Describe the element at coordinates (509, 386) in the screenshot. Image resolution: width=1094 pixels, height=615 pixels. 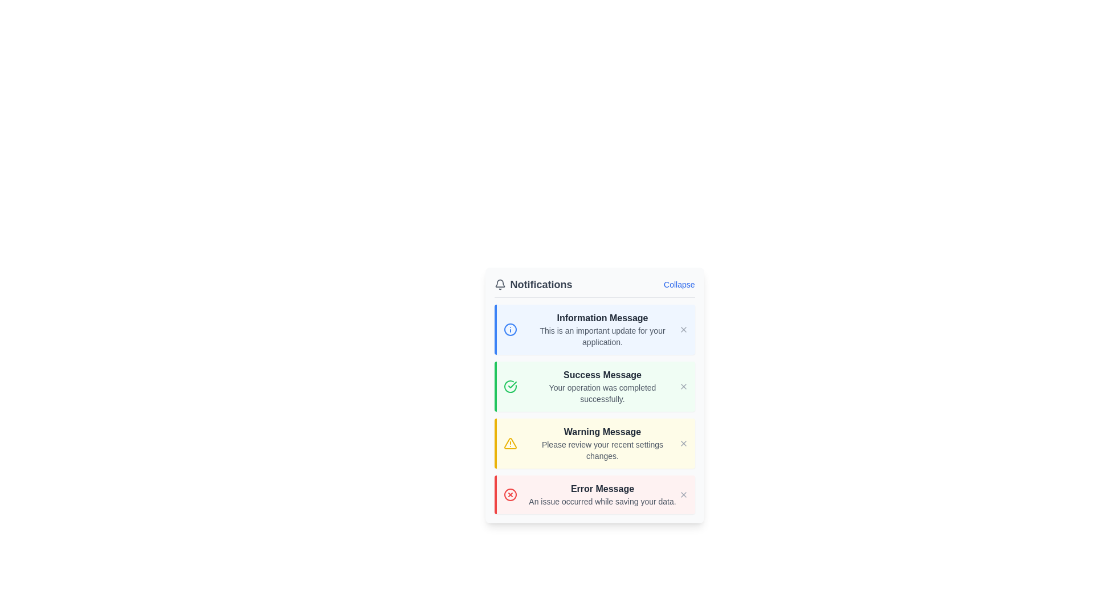
I see `the circular success icon with a green border and checkmark inside, located in the 'Success Message' notification box` at that location.